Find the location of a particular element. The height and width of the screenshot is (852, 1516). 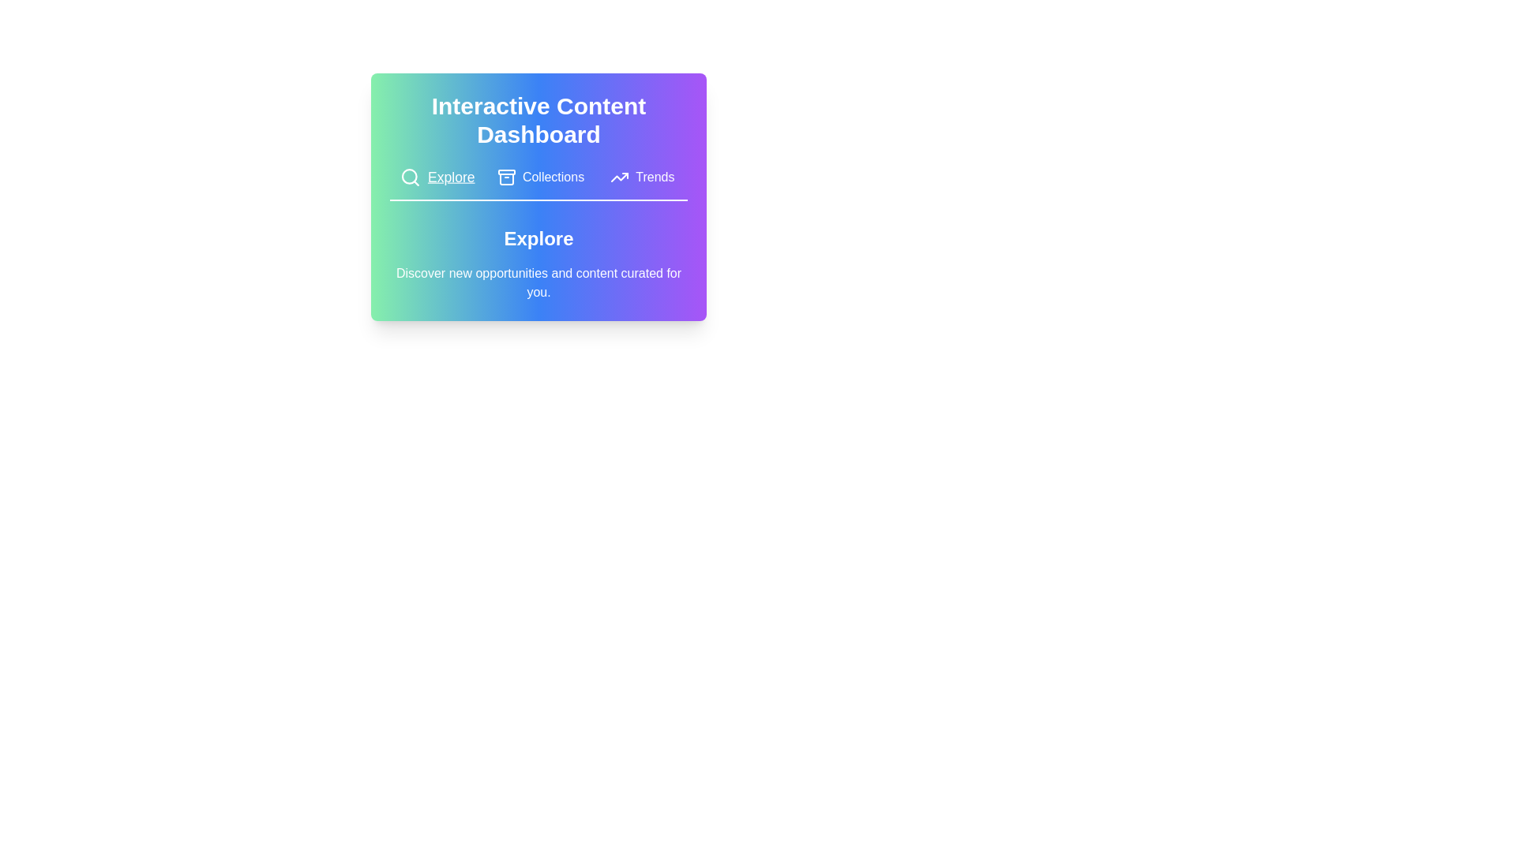

the tab labeled Trends is located at coordinates (642, 177).